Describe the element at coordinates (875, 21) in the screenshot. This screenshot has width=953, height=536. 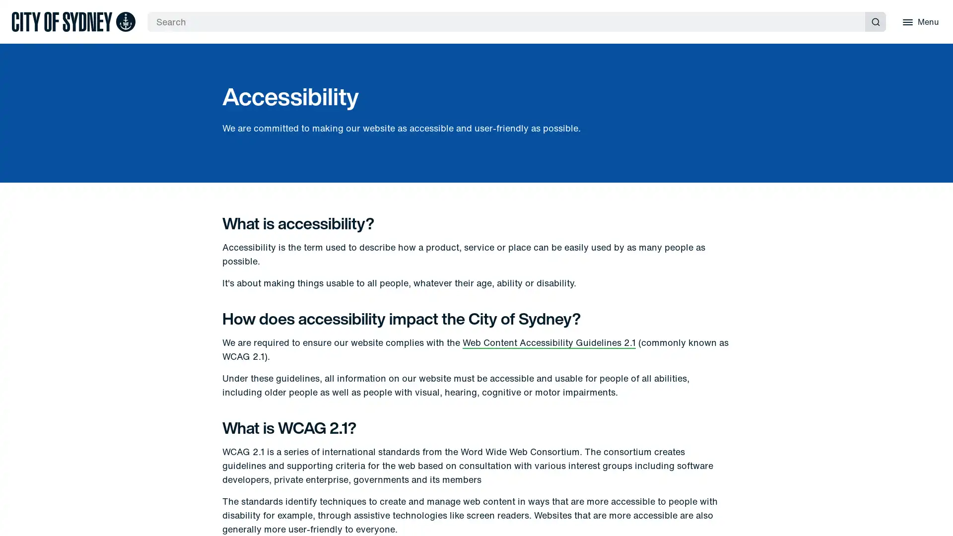
I see `Submit search` at that location.